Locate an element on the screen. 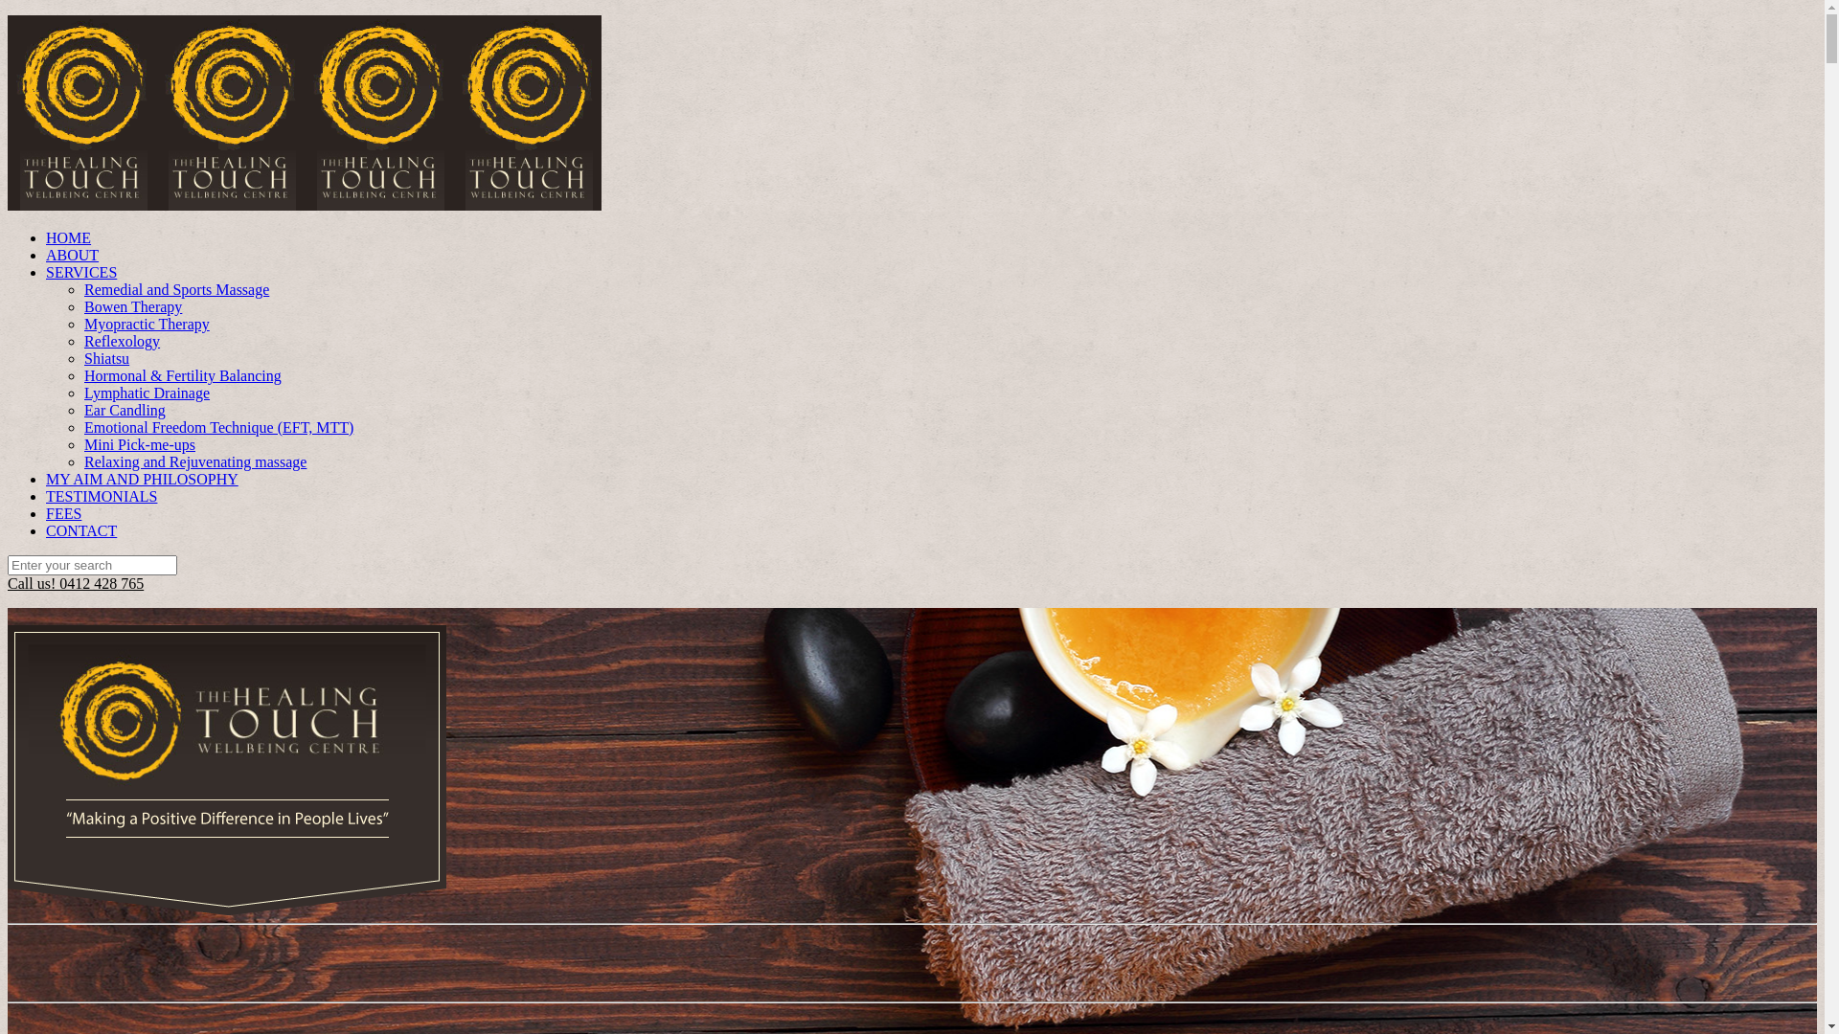 The image size is (1839, 1034). 'Myopractic Therapy' is located at coordinates (146, 323).